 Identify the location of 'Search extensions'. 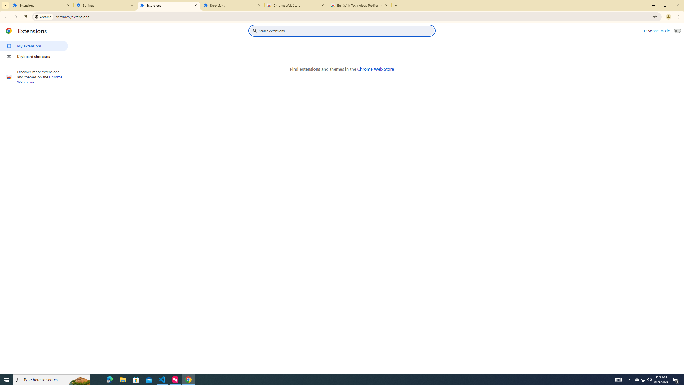
(345, 30).